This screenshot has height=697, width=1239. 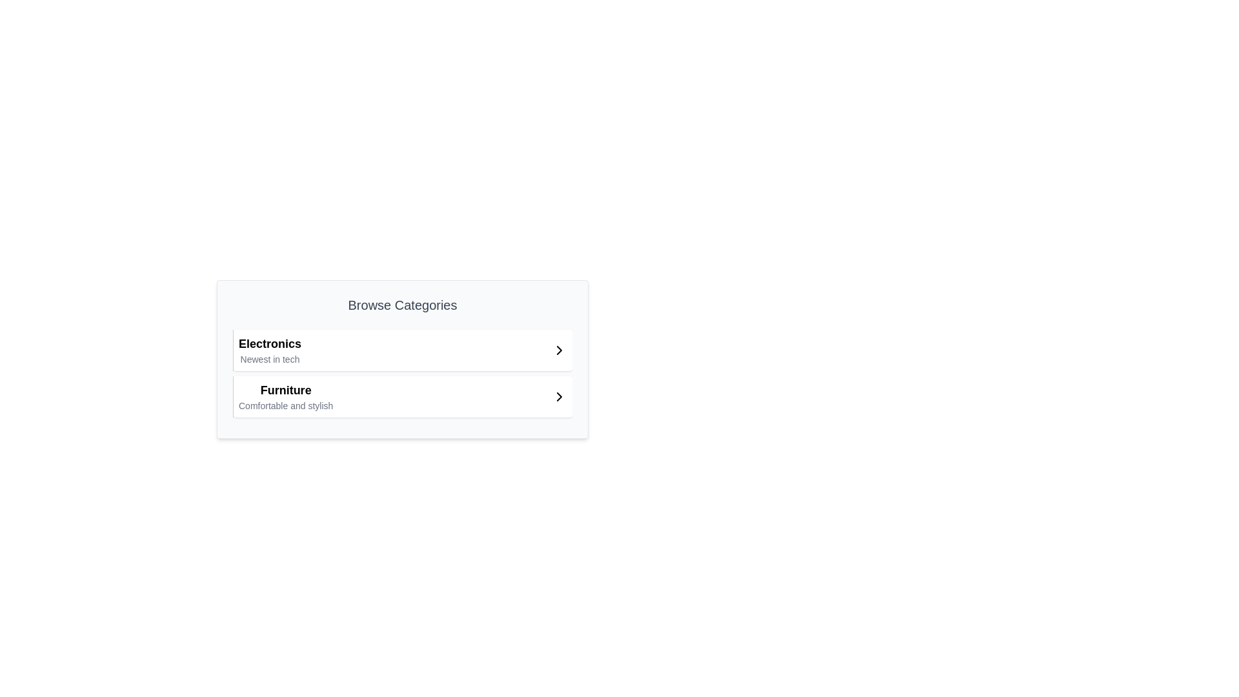 What do you see at coordinates (402, 350) in the screenshot?
I see `the first list item labeled 'Electronics'` at bounding box center [402, 350].